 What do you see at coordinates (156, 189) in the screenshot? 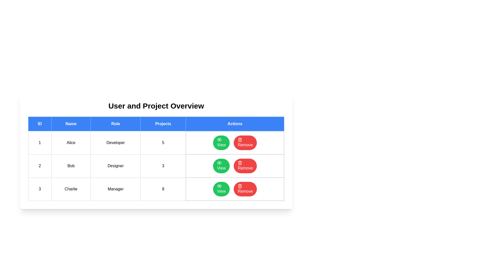
I see `the row corresponding to 3` at bounding box center [156, 189].